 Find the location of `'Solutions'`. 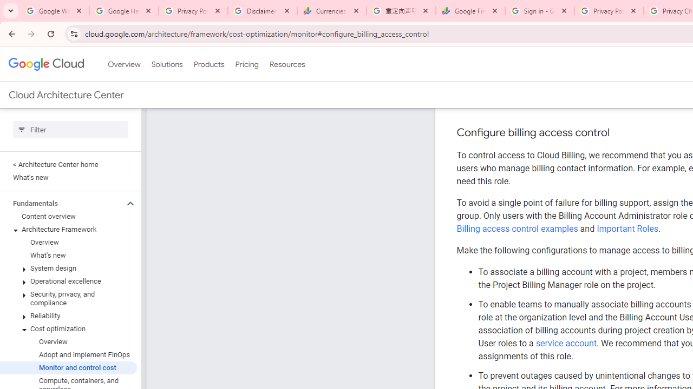

'Solutions' is located at coordinates (166, 64).